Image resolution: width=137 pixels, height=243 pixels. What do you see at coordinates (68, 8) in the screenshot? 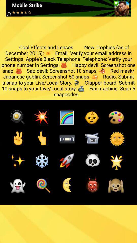
I see `icon above cool effects and item` at bounding box center [68, 8].